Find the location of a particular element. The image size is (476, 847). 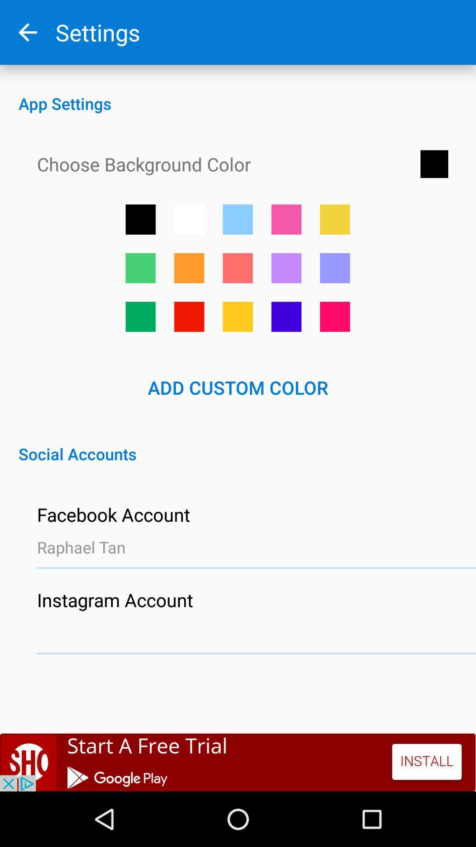

open advertisement is located at coordinates (238, 762).